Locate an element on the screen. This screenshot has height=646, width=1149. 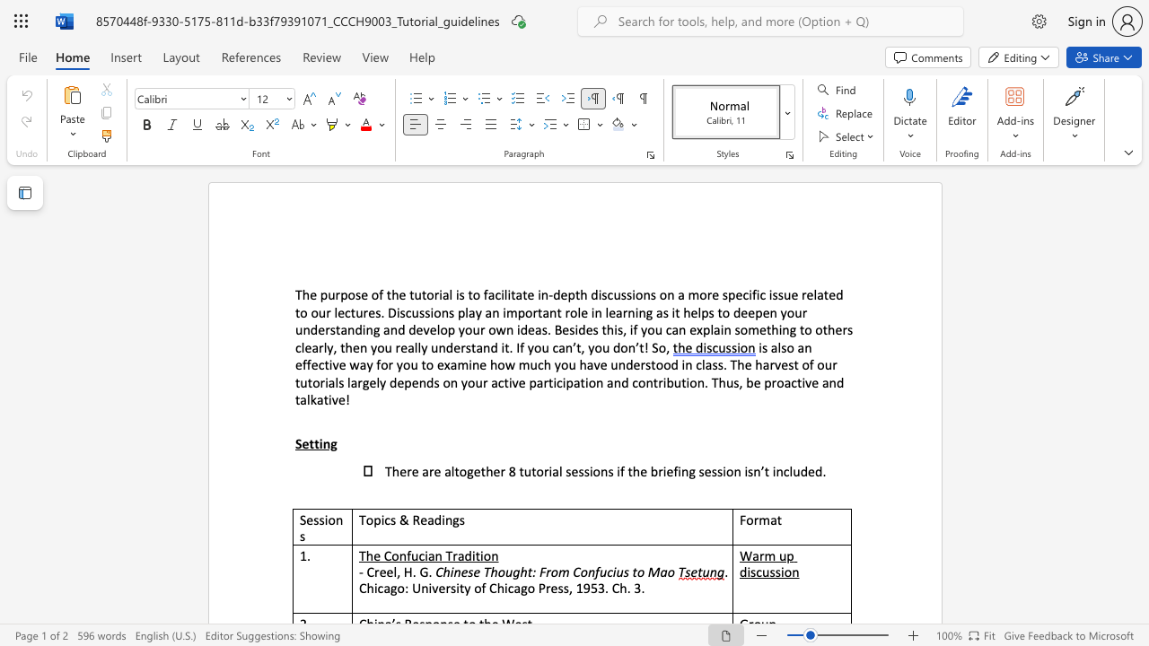
the subset text "nclude" within the text "included." is located at coordinates (776, 470).